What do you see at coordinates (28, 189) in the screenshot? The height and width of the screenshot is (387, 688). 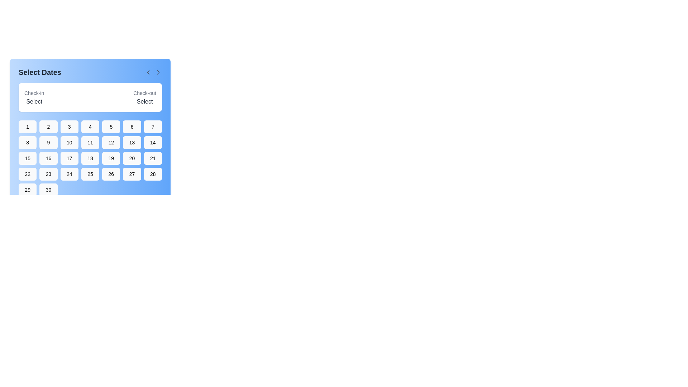 I see `the selectable day button representing the 29th day in the calendar interface for potential reordering` at bounding box center [28, 189].